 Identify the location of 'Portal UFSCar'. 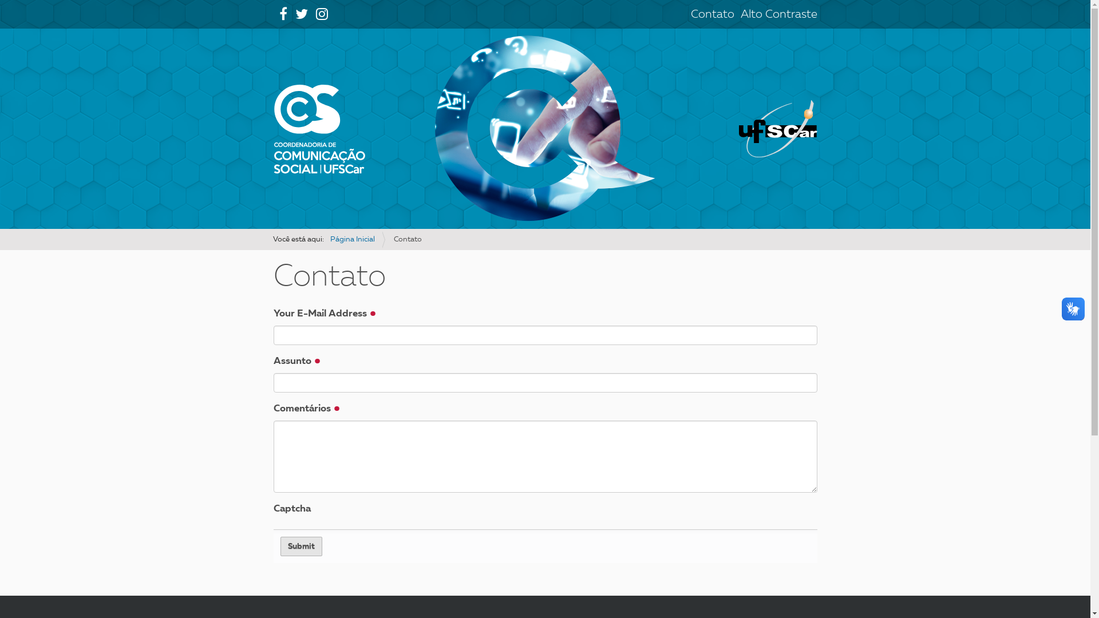
(739, 128).